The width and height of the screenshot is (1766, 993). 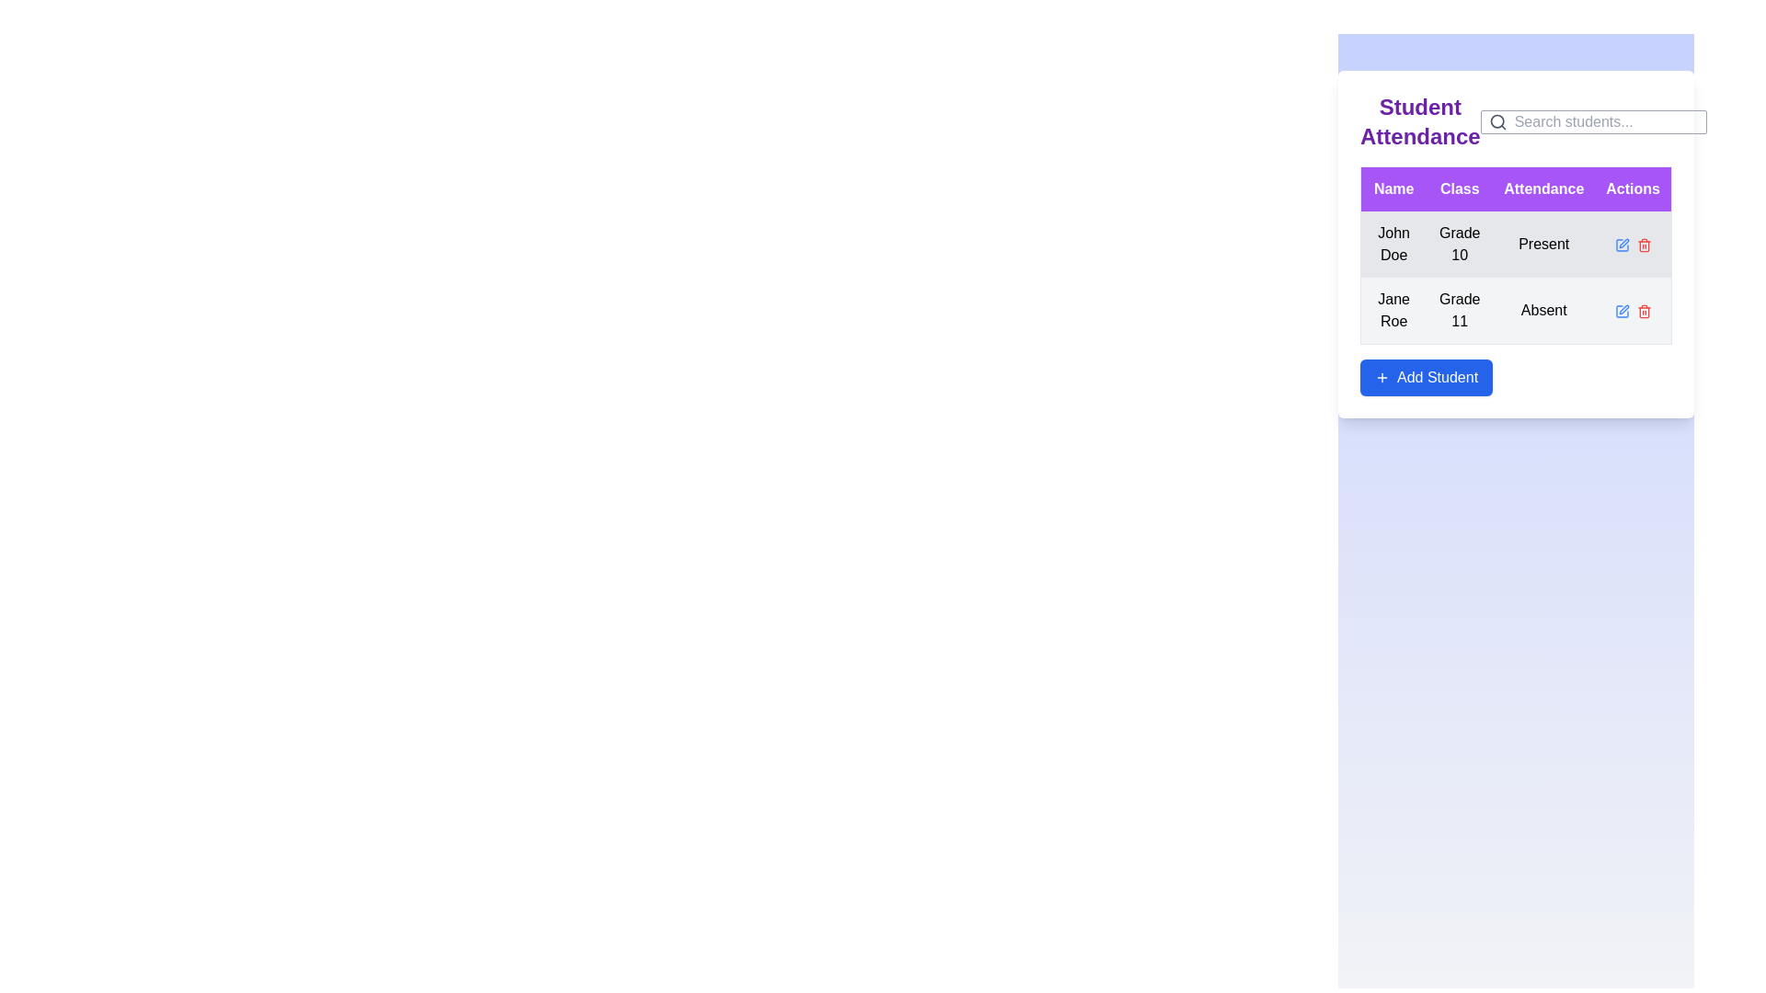 I want to click on the 'Class' header label, which is the second header in a row of four headers in the table's header section, so click(x=1459, y=188).